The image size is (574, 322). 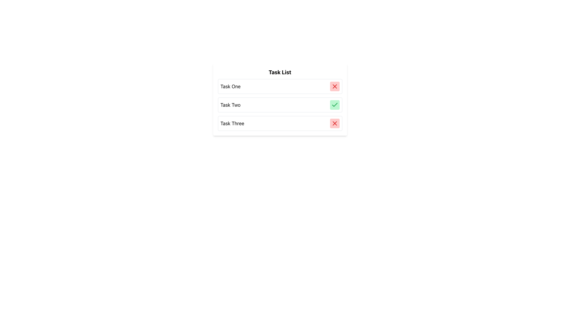 What do you see at coordinates (334, 123) in the screenshot?
I see `the 'delete' button for the 'Task Three' item` at bounding box center [334, 123].